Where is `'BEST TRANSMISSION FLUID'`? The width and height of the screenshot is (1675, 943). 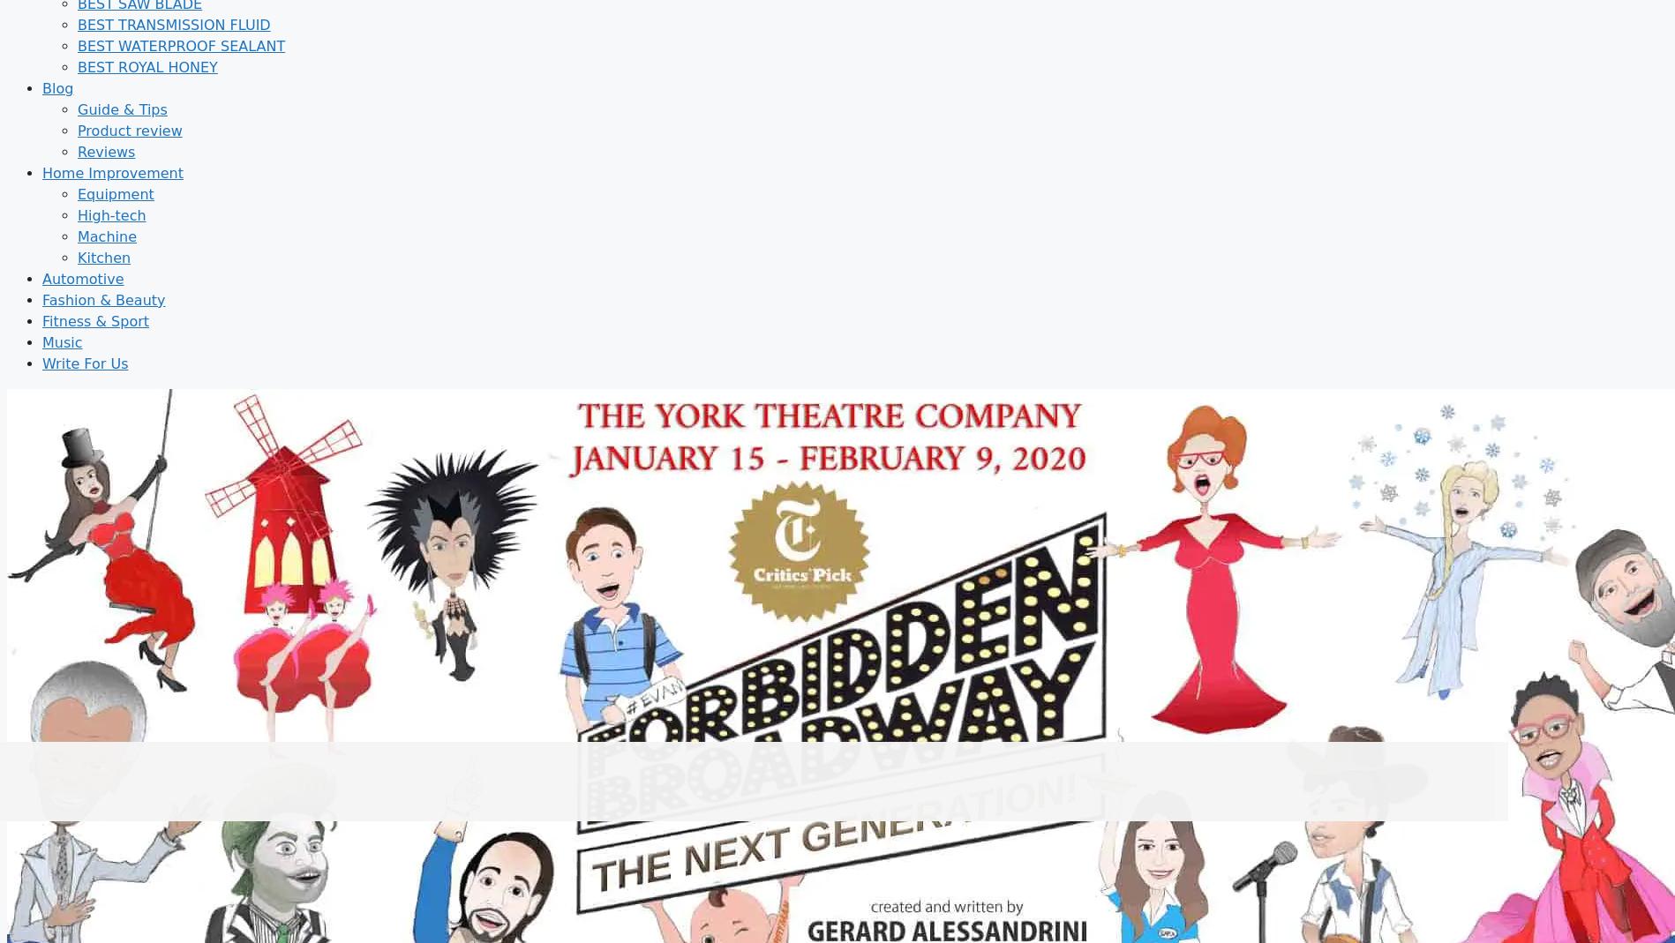
'BEST TRANSMISSION FLUID' is located at coordinates (173, 23).